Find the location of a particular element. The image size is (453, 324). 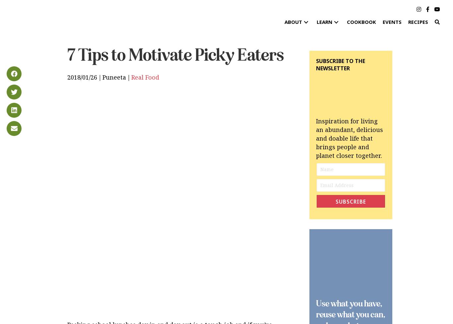

'2018/01/26' is located at coordinates (82, 77).